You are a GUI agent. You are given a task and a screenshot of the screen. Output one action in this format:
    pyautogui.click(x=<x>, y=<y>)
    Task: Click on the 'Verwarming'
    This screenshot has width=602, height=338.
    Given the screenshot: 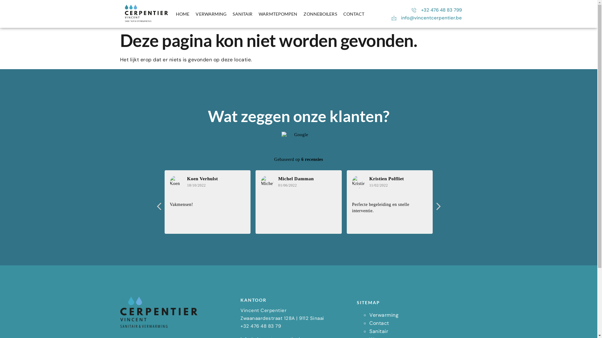 What is the action you would take?
    pyautogui.click(x=369, y=315)
    